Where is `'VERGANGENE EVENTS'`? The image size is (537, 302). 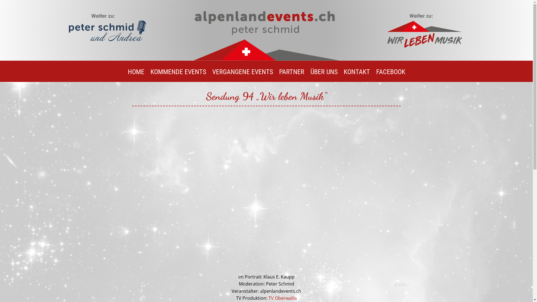
'VERGANGENE EVENTS' is located at coordinates (242, 76).